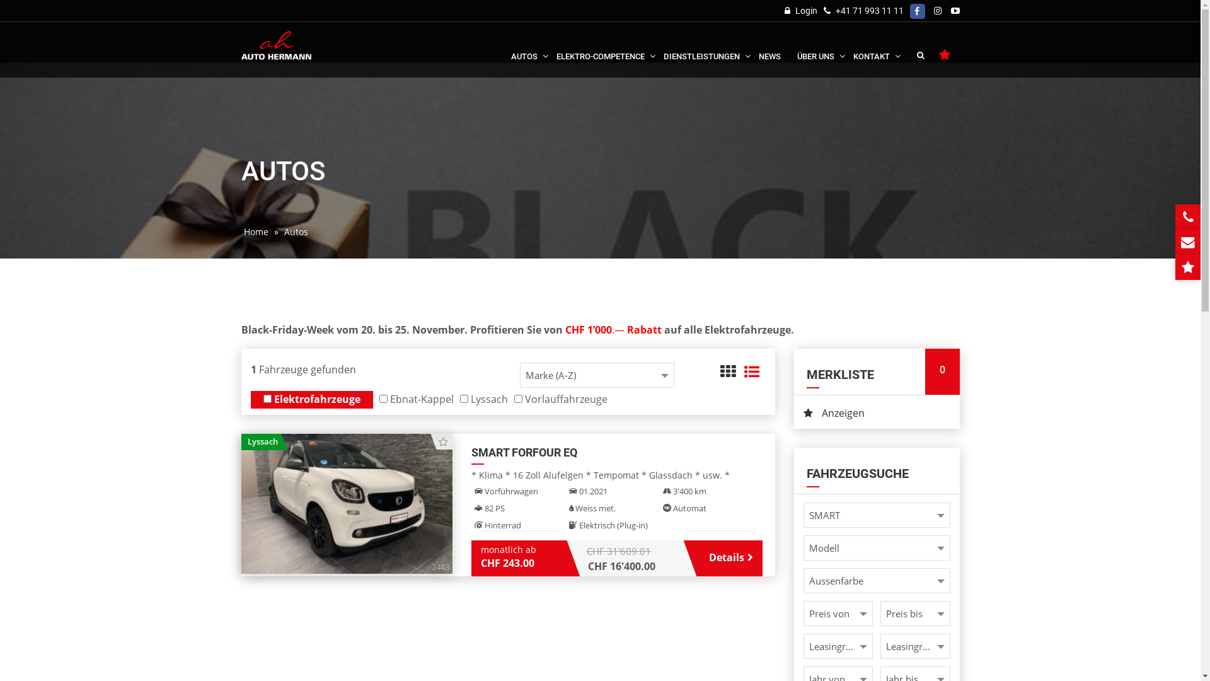 Image resolution: width=1210 pixels, height=681 pixels. I want to click on 'NEWS', so click(769, 47).